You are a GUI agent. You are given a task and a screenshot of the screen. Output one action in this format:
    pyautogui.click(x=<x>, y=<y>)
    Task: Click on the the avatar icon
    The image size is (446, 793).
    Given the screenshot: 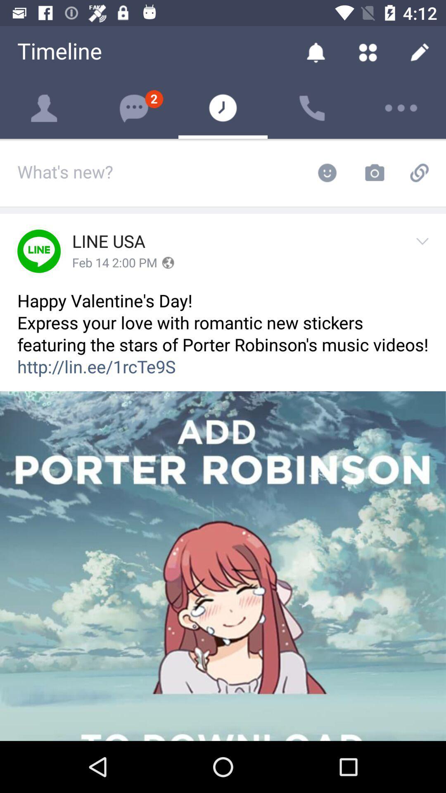 What is the action you would take?
    pyautogui.click(x=45, y=108)
    